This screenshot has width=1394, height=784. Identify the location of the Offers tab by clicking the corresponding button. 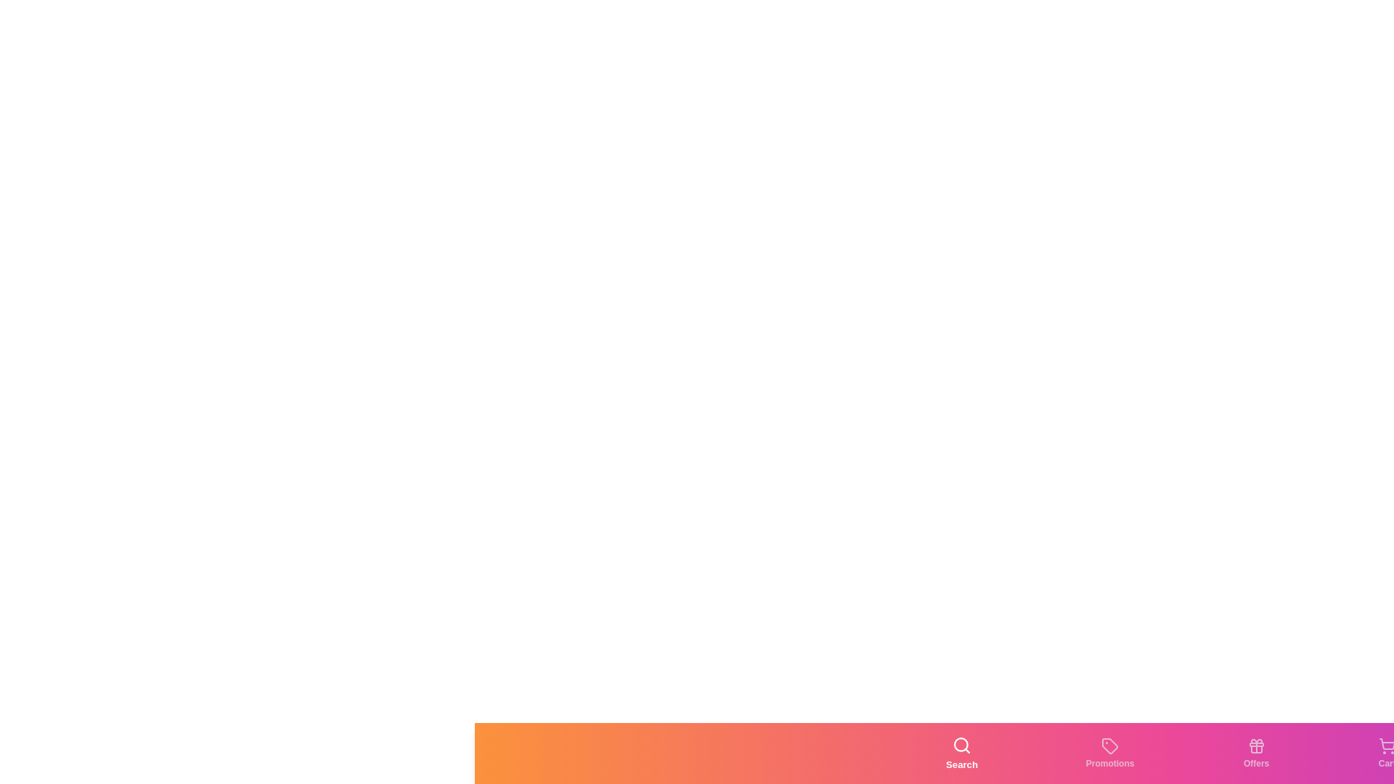
(1255, 752).